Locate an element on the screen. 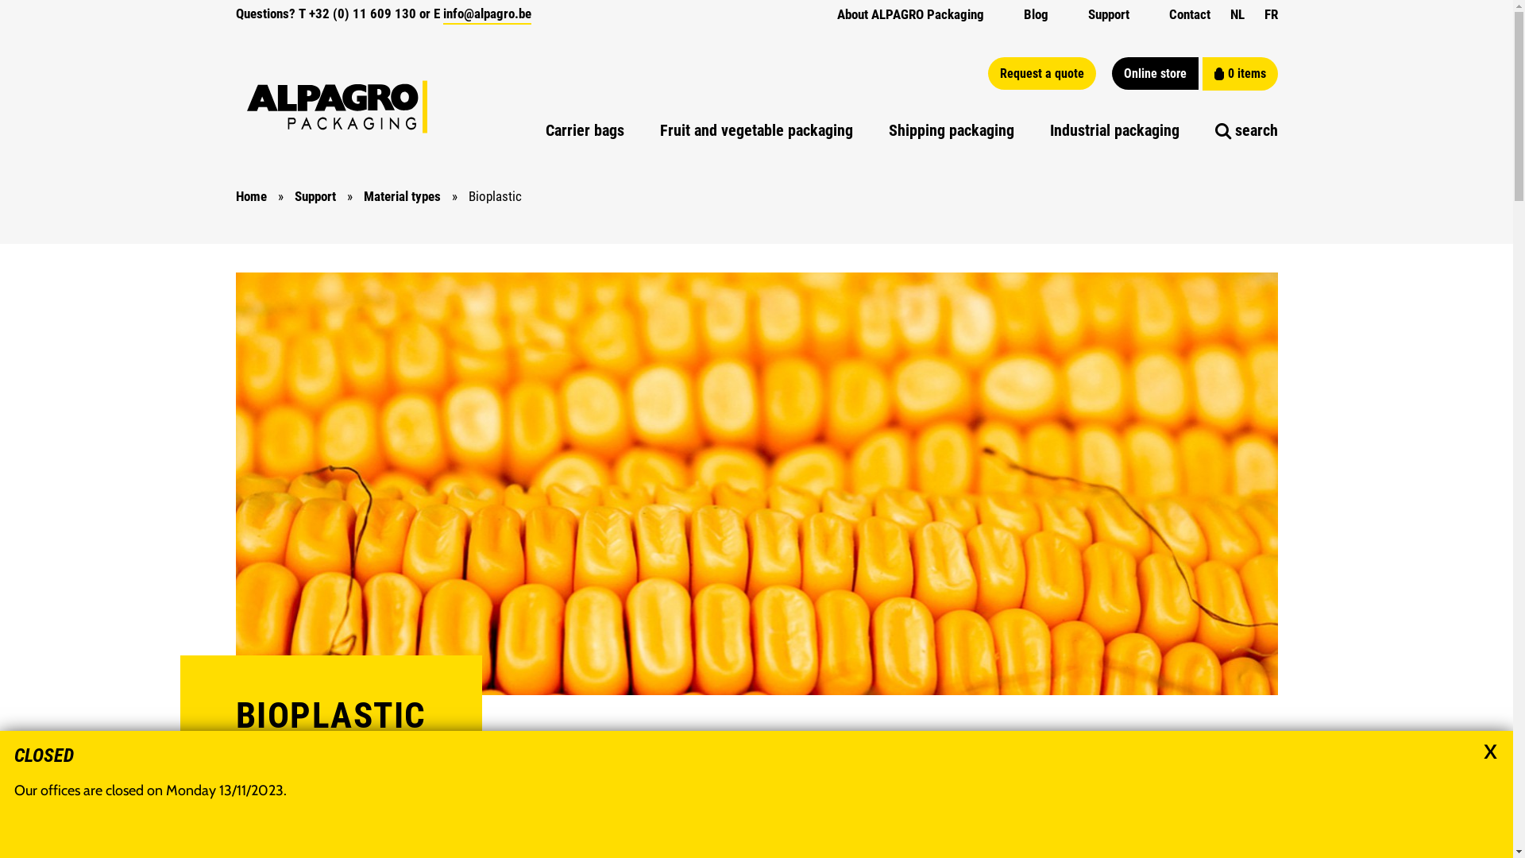 The width and height of the screenshot is (1525, 858). 'NL' is located at coordinates (1229, 14).